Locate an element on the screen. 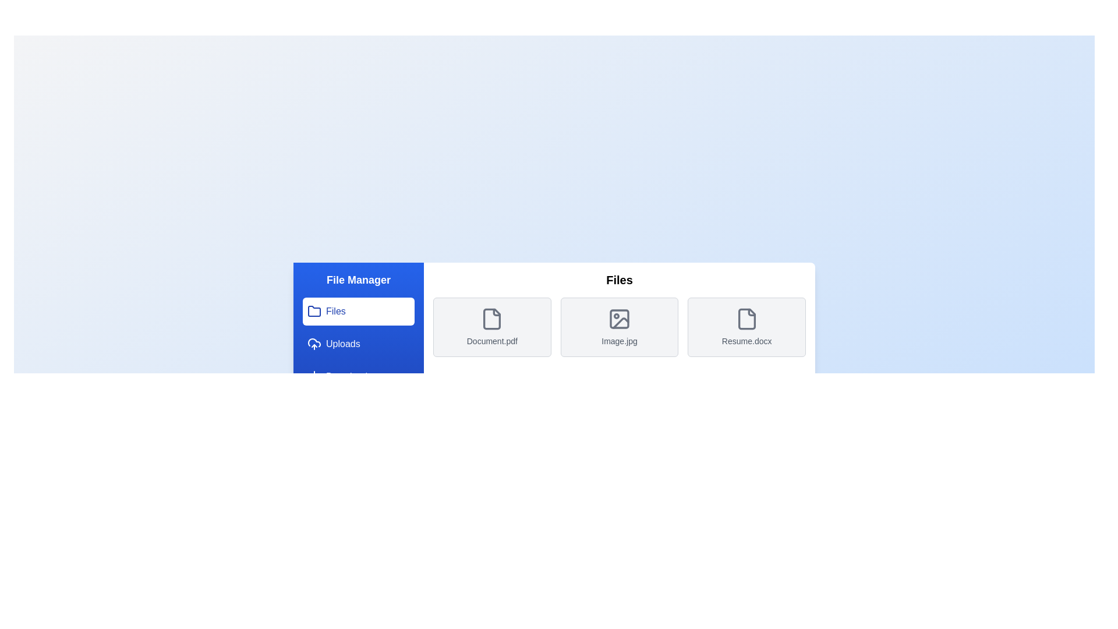  the menu option Files to navigate to the corresponding section is located at coordinates (358, 311).